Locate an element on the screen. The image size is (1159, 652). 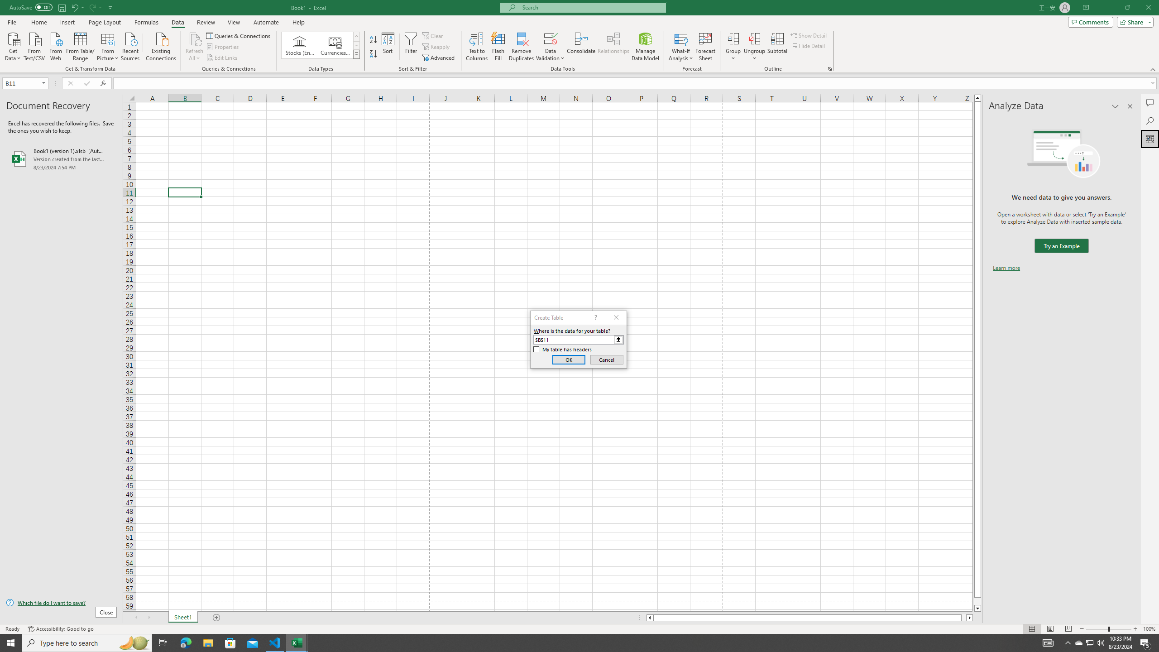
'Filter' is located at coordinates (410, 47).